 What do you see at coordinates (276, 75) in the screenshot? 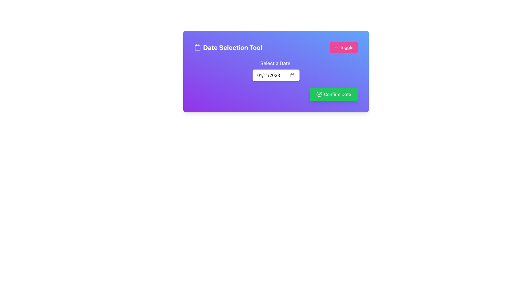
I see `the date input field styled with rounded corners and a calendar icon` at bounding box center [276, 75].